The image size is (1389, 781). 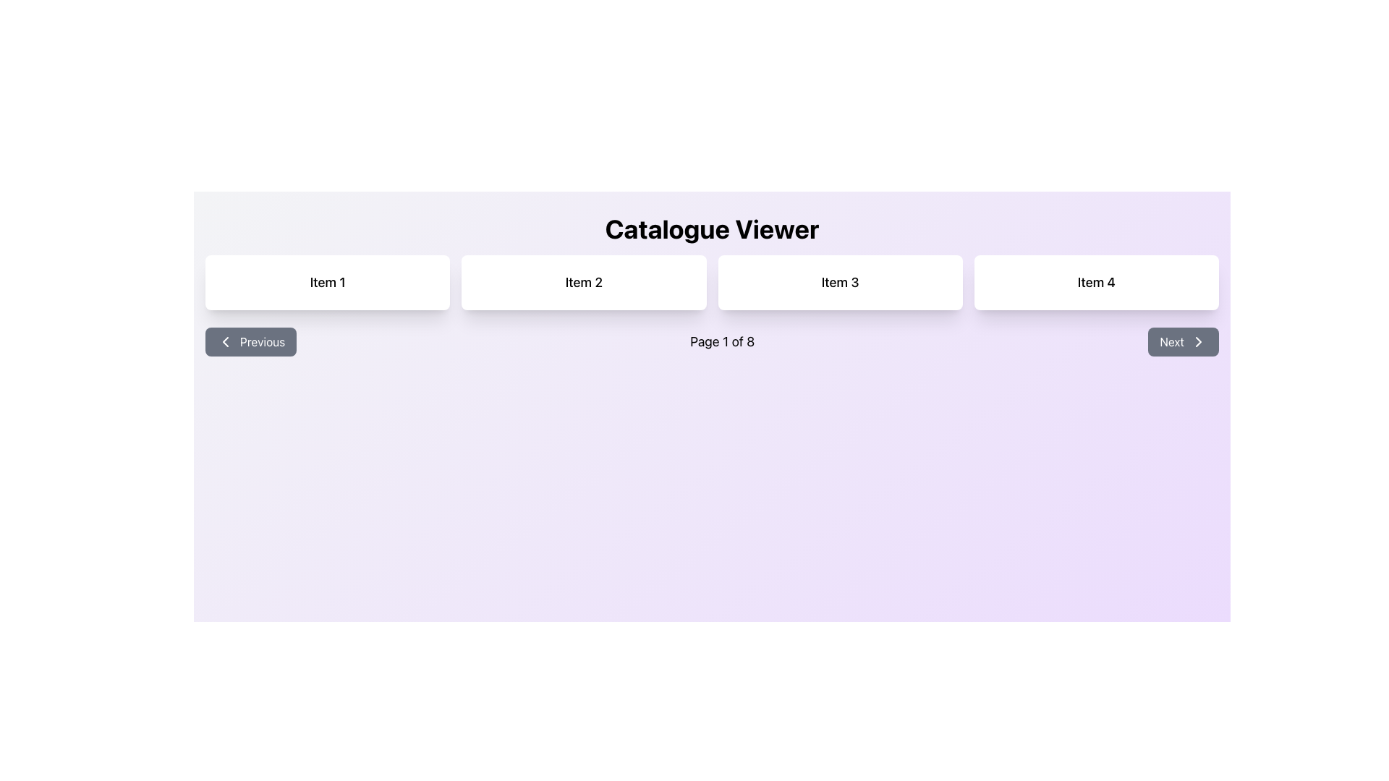 I want to click on the button located on the left side of the pagination bar, so click(x=250, y=342).